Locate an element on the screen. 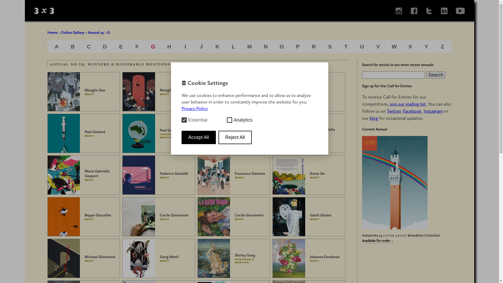  'Beppe Giacobbe is located at coordinates (84, 216).